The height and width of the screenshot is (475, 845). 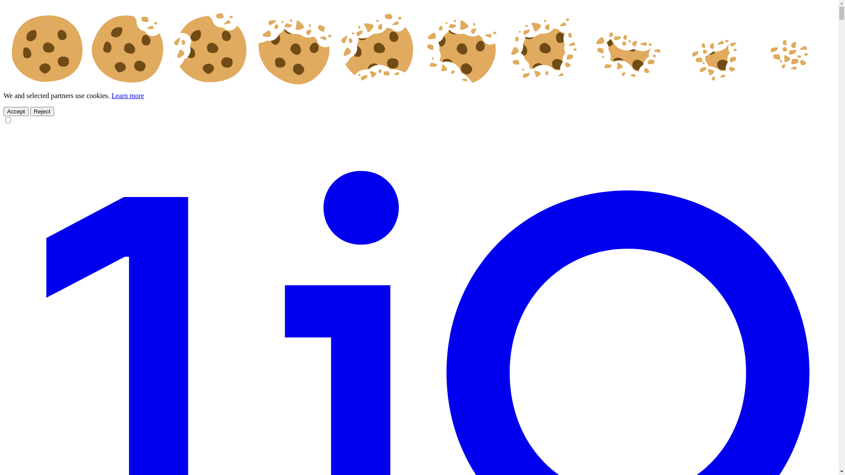 What do you see at coordinates (16, 111) in the screenshot?
I see `'Accept'` at bounding box center [16, 111].